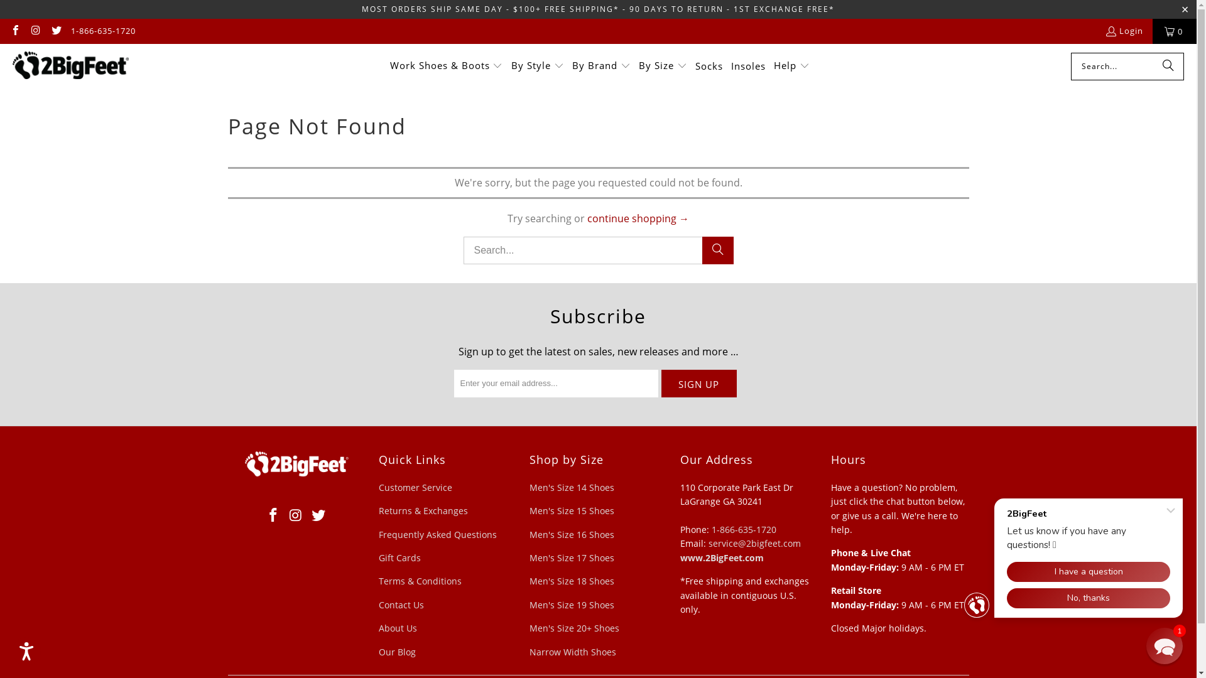 This screenshot has width=1206, height=678. I want to click on 'Men's Size 14 Shoes', so click(570, 487).